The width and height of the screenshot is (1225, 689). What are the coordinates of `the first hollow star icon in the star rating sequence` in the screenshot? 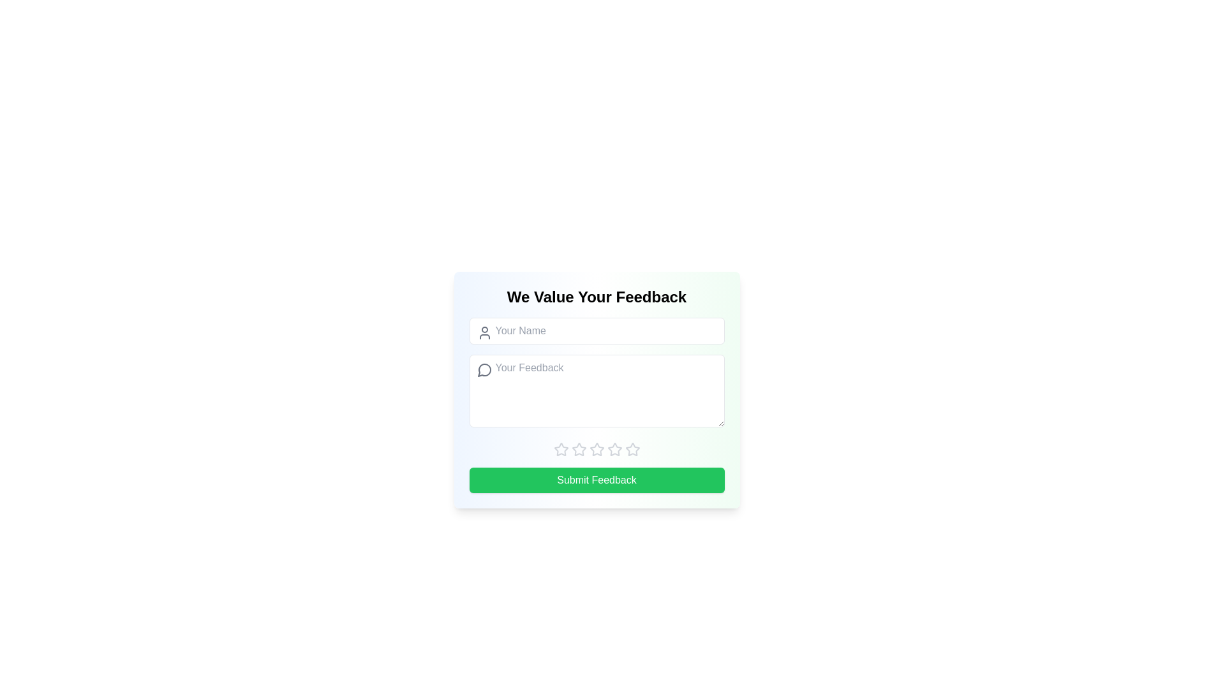 It's located at (561, 449).